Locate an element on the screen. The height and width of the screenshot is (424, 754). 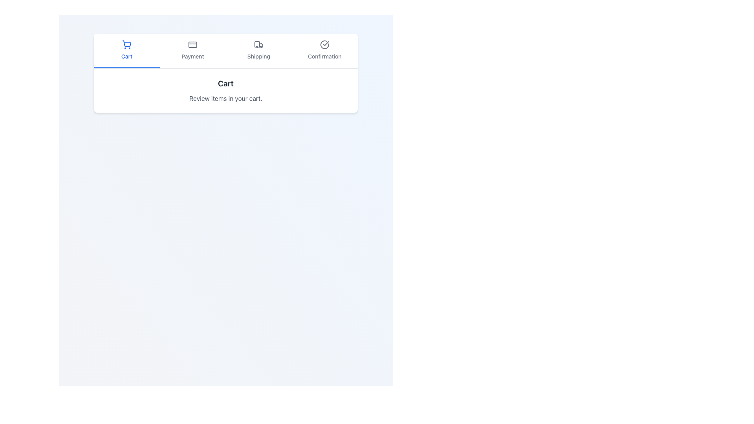
the SVG-based icon depicting a simplified credit card located at the center of the 'Payment' tab in the navigation bar, which is situated immediately to the right of the 'Cart' tab is located at coordinates (192, 45).